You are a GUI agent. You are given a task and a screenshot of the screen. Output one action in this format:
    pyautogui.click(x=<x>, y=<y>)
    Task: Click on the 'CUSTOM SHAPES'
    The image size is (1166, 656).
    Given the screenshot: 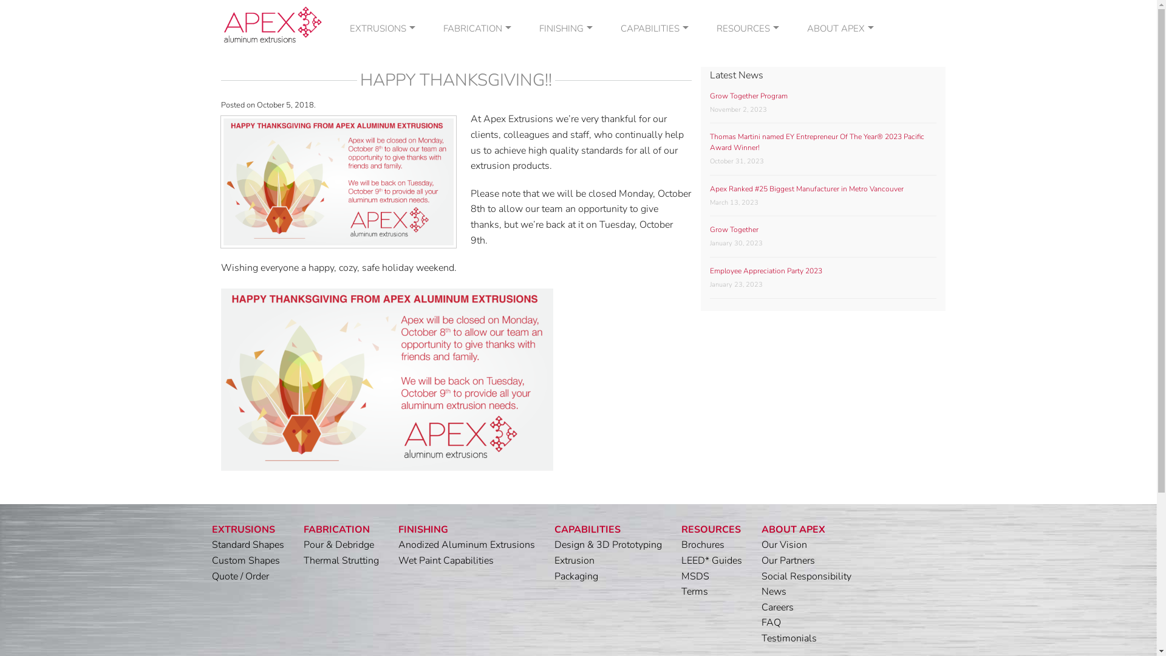 What is the action you would take?
    pyautogui.click(x=381, y=74)
    